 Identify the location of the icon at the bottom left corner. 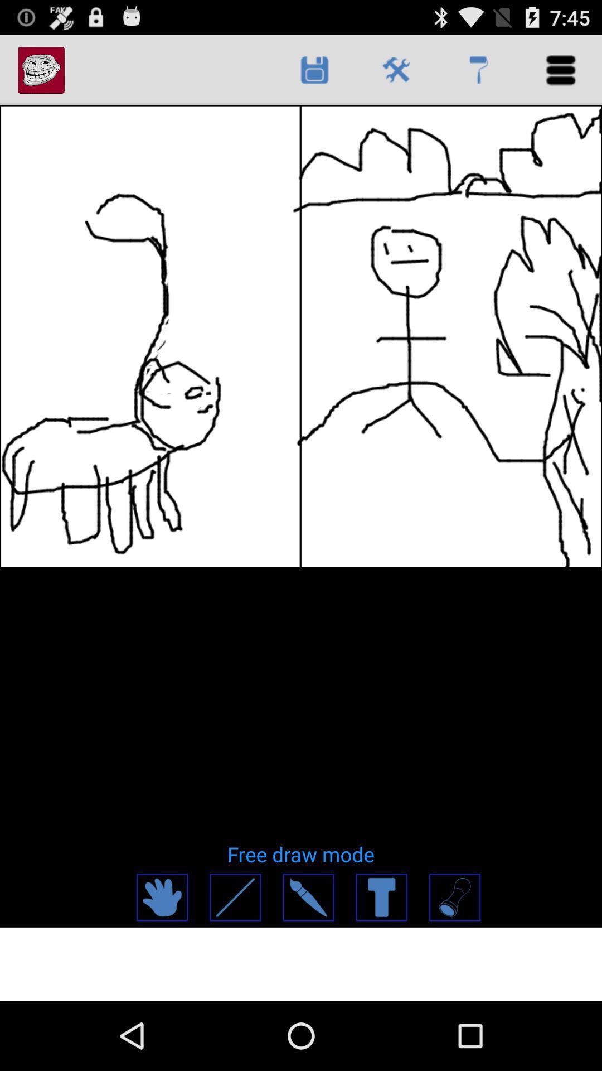
(162, 897).